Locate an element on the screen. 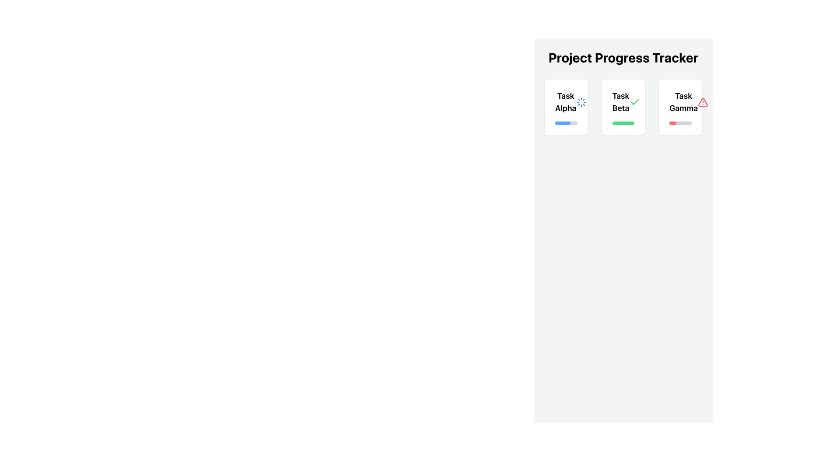 This screenshot has width=840, height=472. the text details of the Text Display Component indicating the name and status of the second task, which is positioned centrally within the white rectangular card in the 'Project Progress Tracker' section is located at coordinates (623, 102).